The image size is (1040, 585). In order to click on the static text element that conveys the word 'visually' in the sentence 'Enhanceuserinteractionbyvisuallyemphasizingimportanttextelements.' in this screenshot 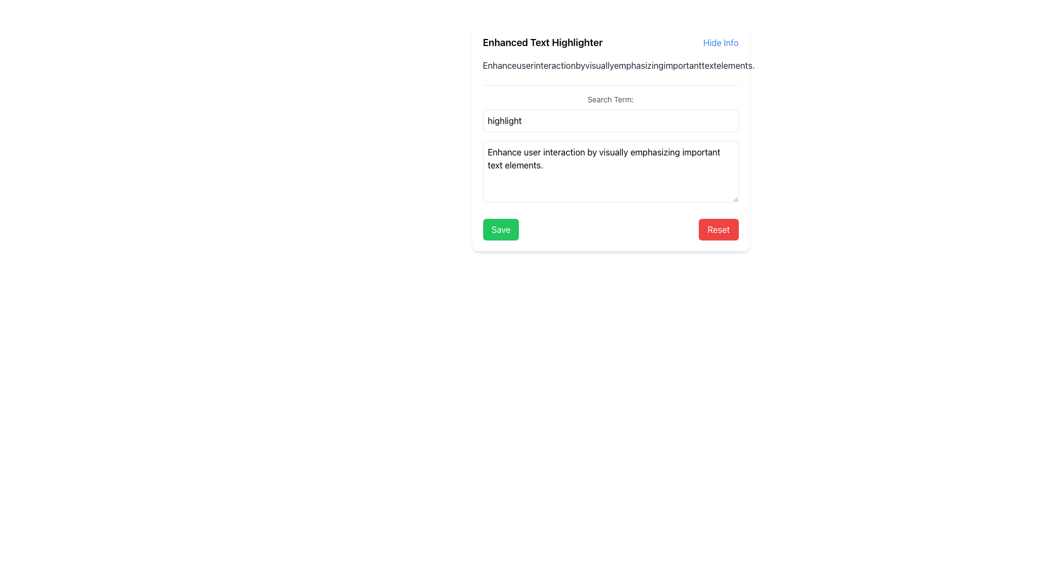, I will do `click(599, 65)`.